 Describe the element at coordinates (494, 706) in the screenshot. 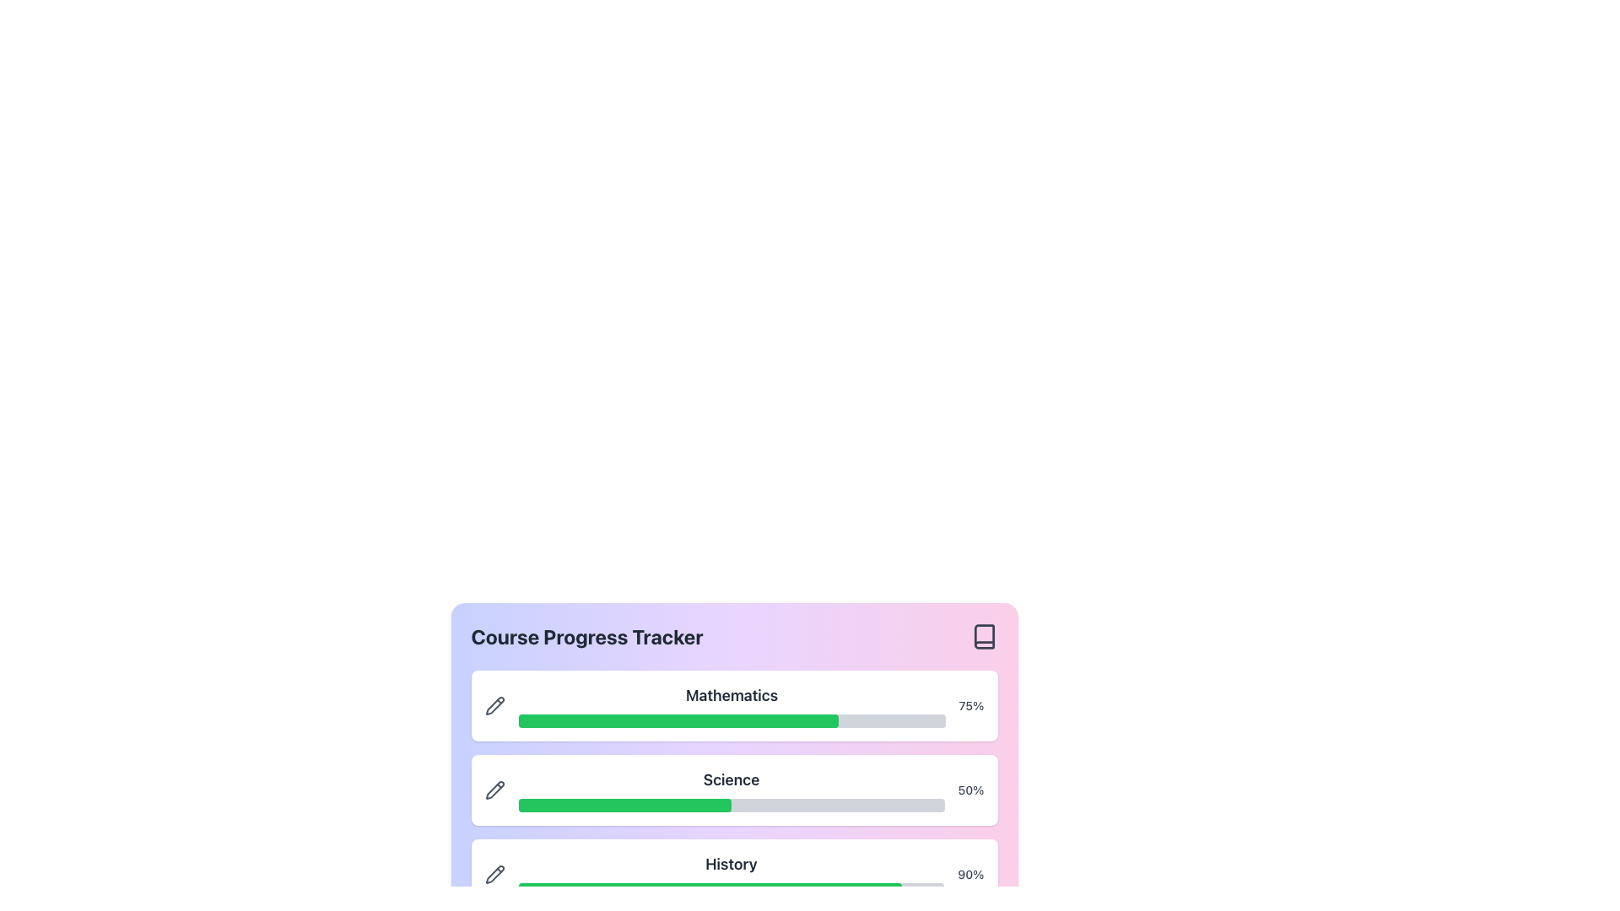

I see `the pencil icon located to the left of the Science progress bar in the Course Progress Tracker interface` at that location.